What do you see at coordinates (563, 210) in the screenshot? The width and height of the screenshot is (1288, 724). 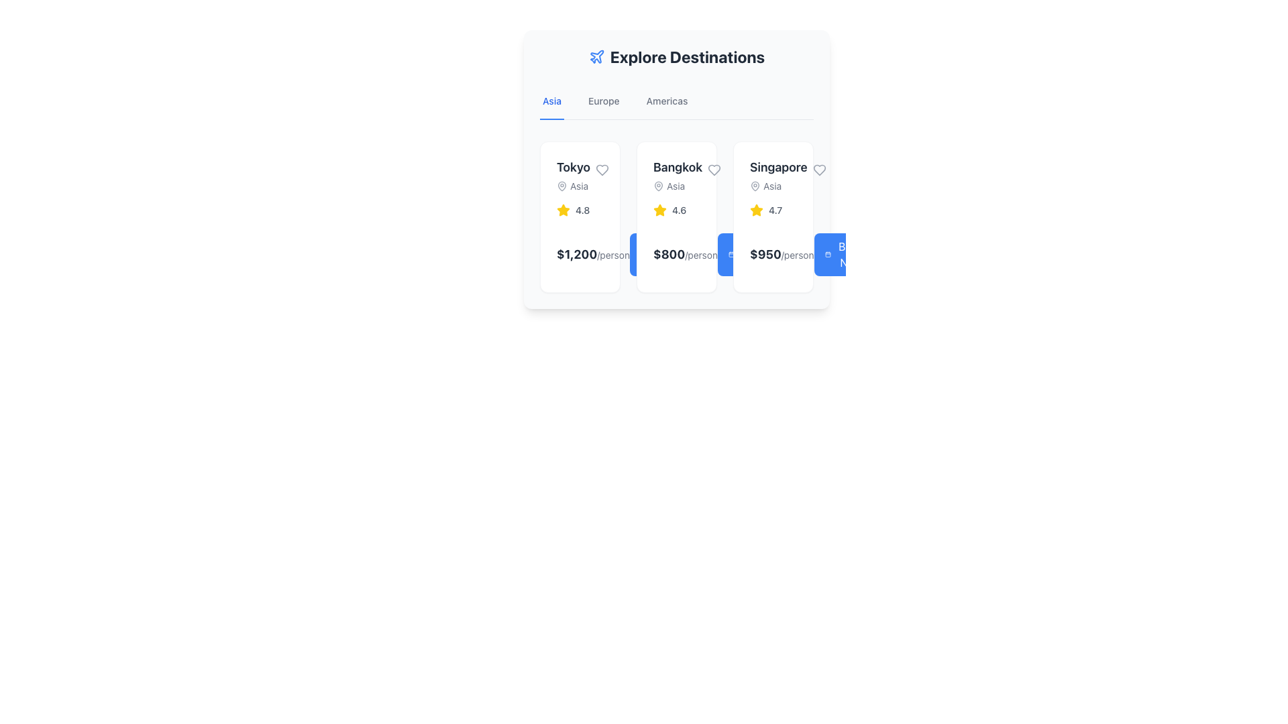 I see `the star symbol icon representing the rating score of '4.8'` at bounding box center [563, 210].